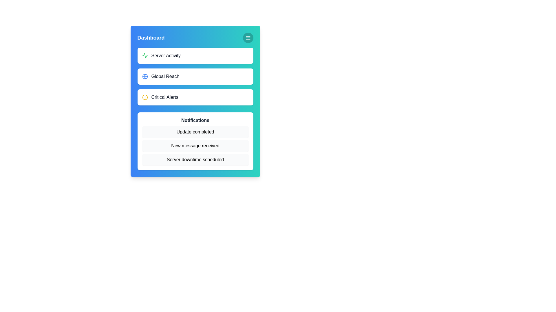  Describe the element at coordinates (195, 101) in the screenshot. I see `the Card component in the dashboard layout that presents activity details, reach metrics, critical alerts, and sequential notifications` at that location.